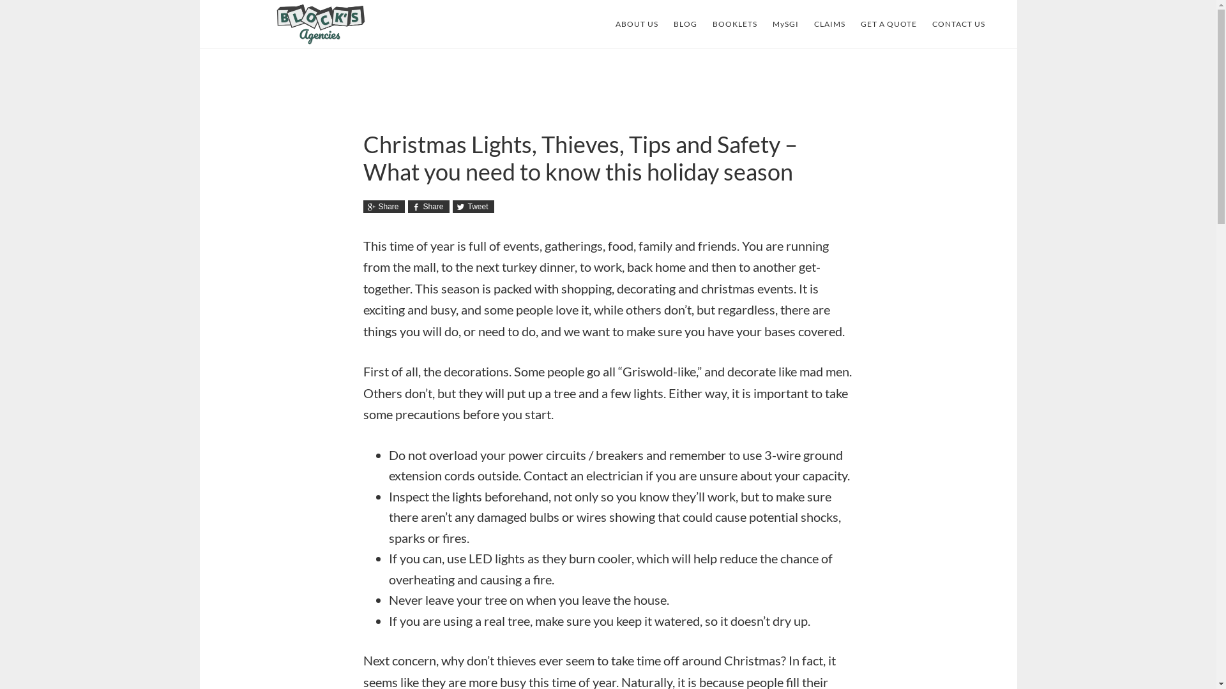  Describe the element at coordinates (684, 24) in the screenshot. I see `'BLOG'` at that location.